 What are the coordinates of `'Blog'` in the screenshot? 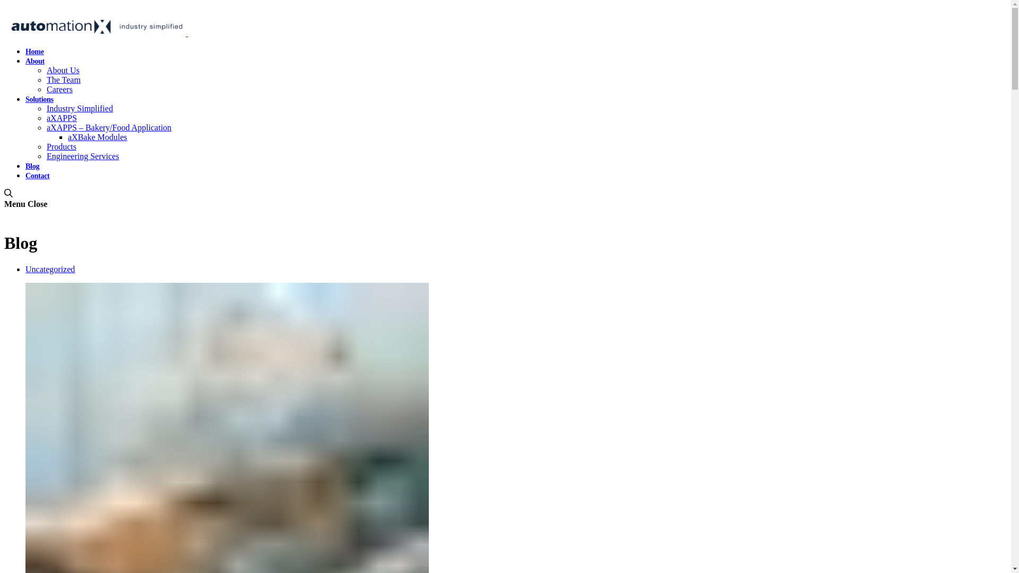 It's located at (32, 166).